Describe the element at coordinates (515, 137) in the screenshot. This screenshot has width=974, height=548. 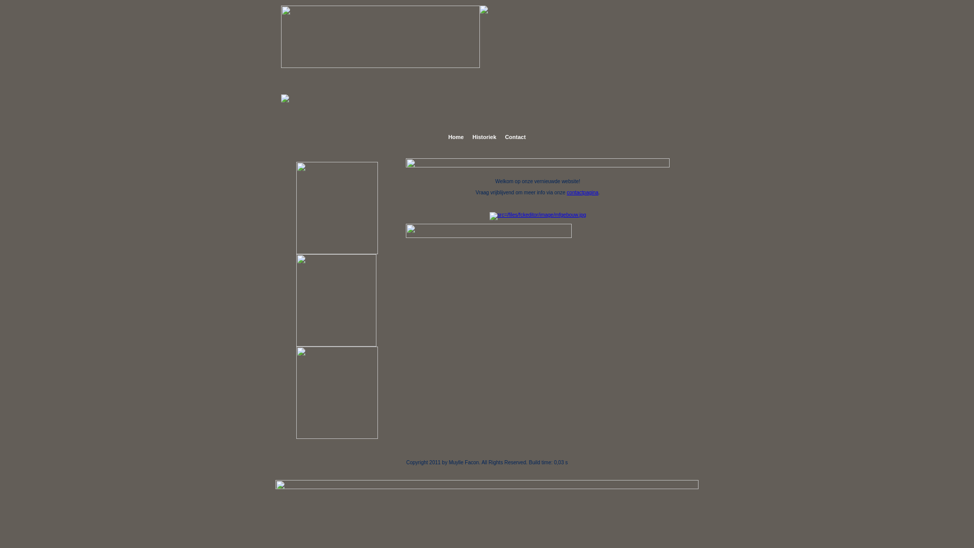
I see `'Contact'` at that location.